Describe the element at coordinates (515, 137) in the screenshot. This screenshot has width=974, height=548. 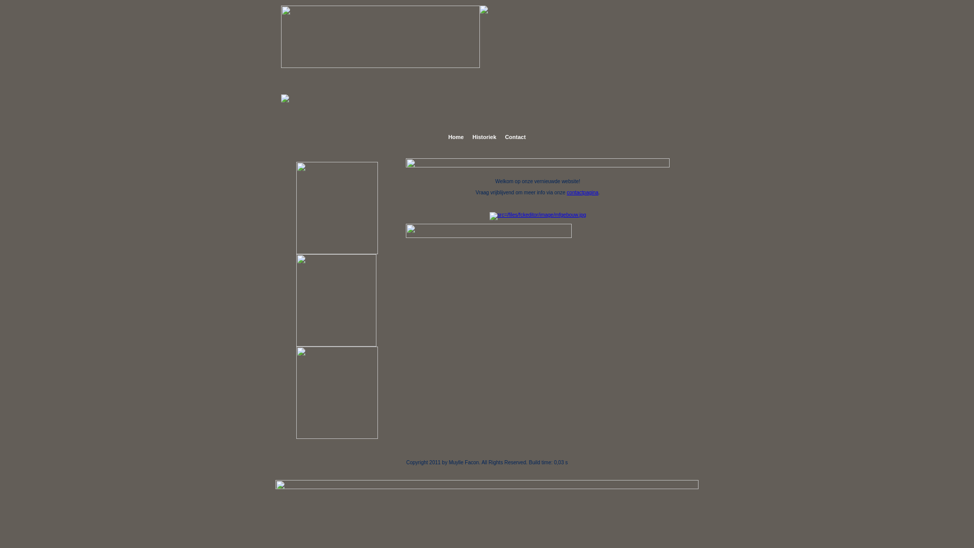
I see `'Contact'` at that location.